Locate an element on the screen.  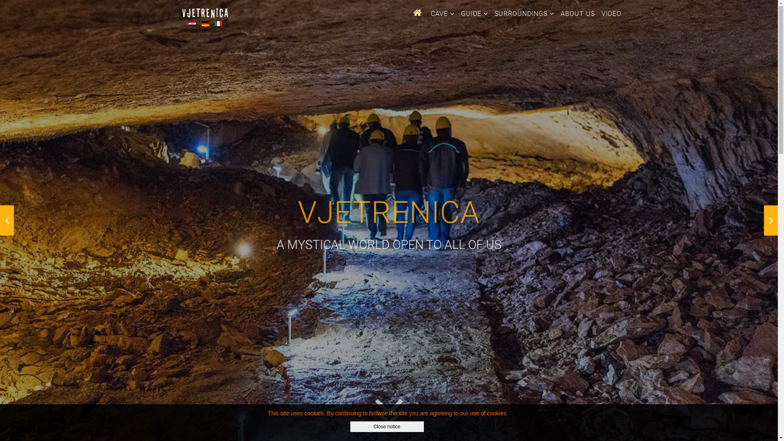
'Italiano' is located at coordinates (218, 23).